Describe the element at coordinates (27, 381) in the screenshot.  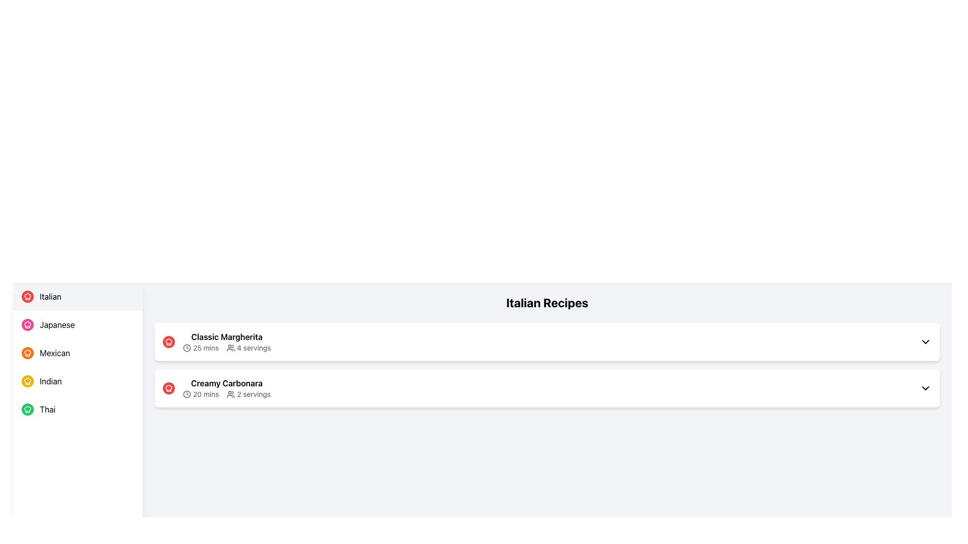
I see `the yellow circular icon with a chef hat graphic located in the left sidebar next to the text 'Indian.'` at that location.